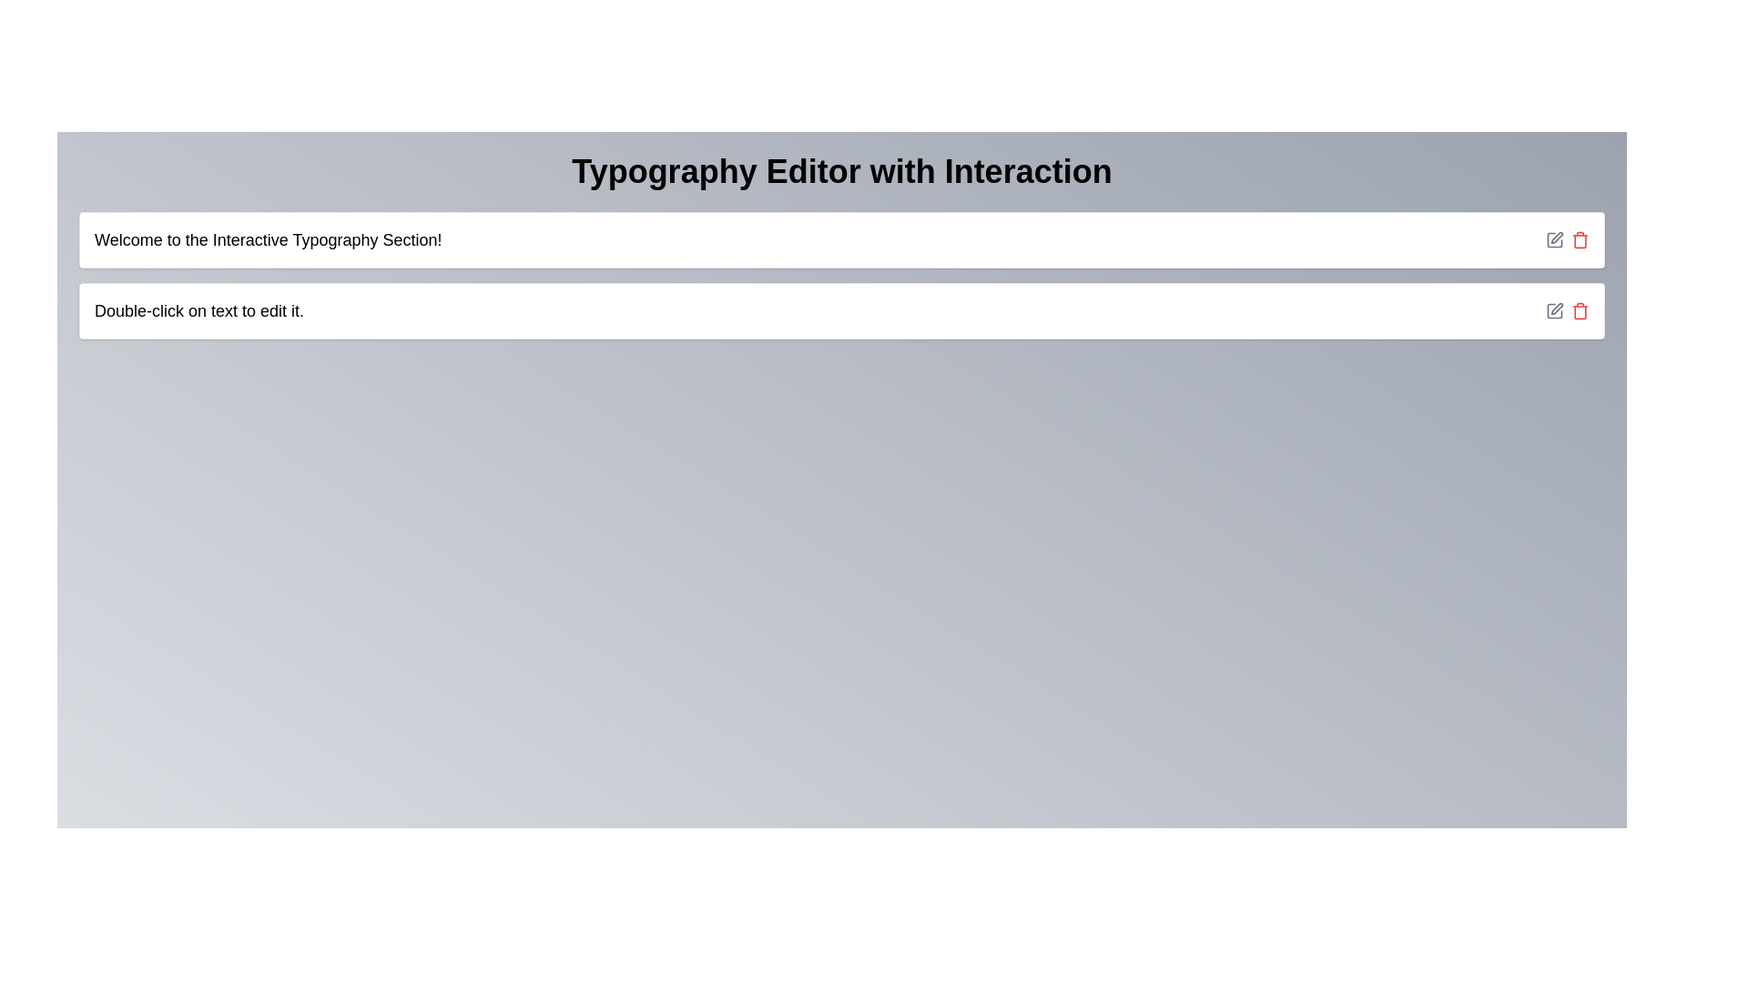  I want to click on the leftmost edit button located next to the second text box, so click(1554, 310).